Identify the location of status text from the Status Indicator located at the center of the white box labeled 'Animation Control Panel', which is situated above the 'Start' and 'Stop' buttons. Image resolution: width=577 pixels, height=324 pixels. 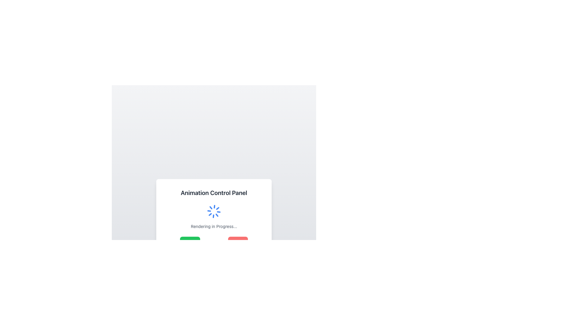
(214, 216).